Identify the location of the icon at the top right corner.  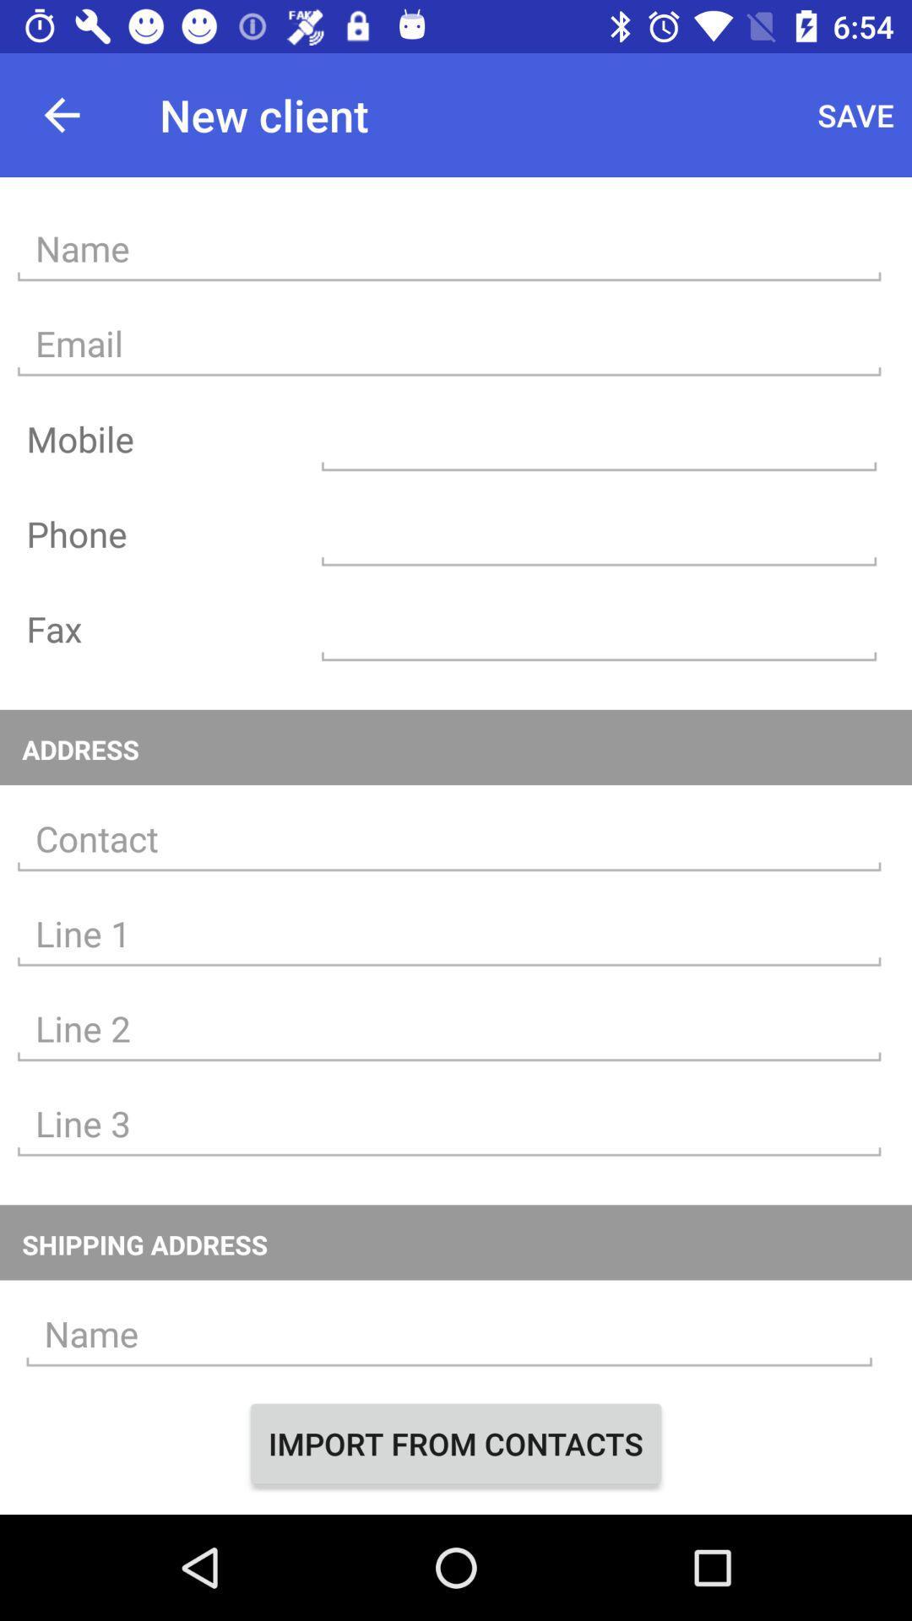
(855, 114).